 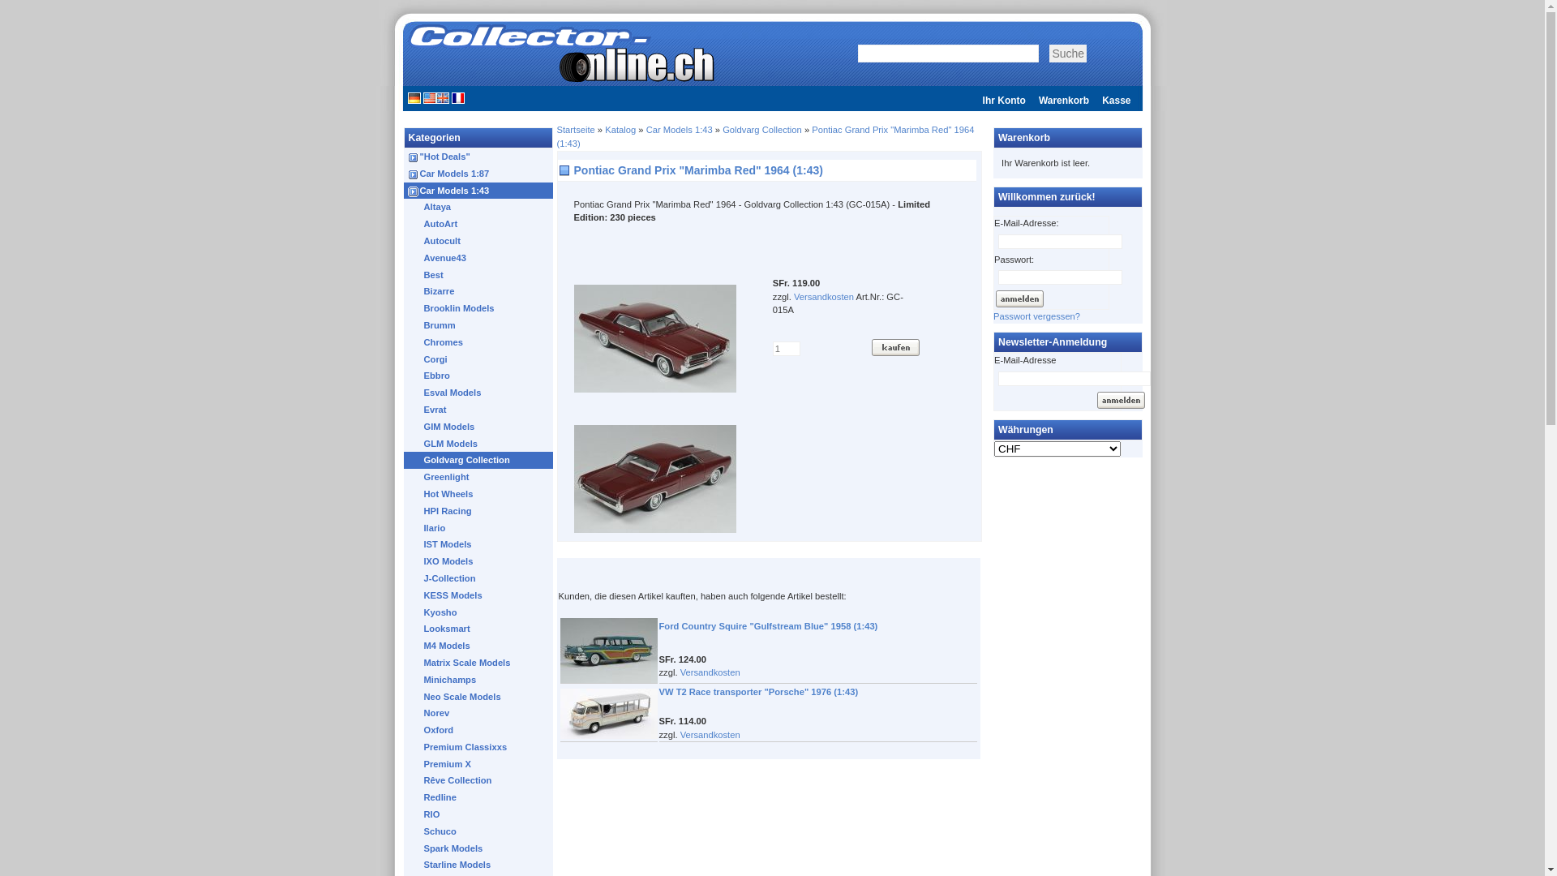 What do you see at coordinates (761, 128) in the screenshot?
I see `'Goldvarg Collection'` at bounding box center [761, 128].